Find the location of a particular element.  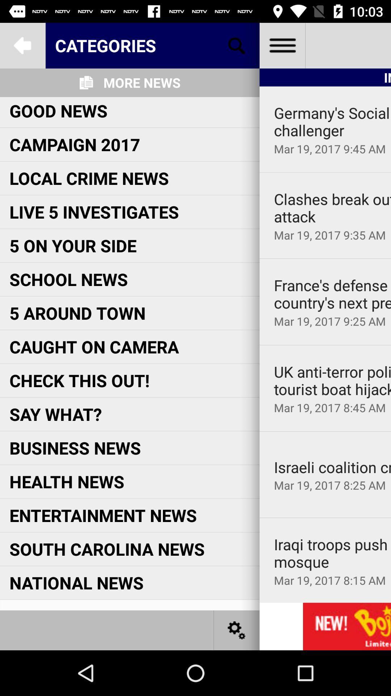

the search icon is located at coordinates (237, 45).